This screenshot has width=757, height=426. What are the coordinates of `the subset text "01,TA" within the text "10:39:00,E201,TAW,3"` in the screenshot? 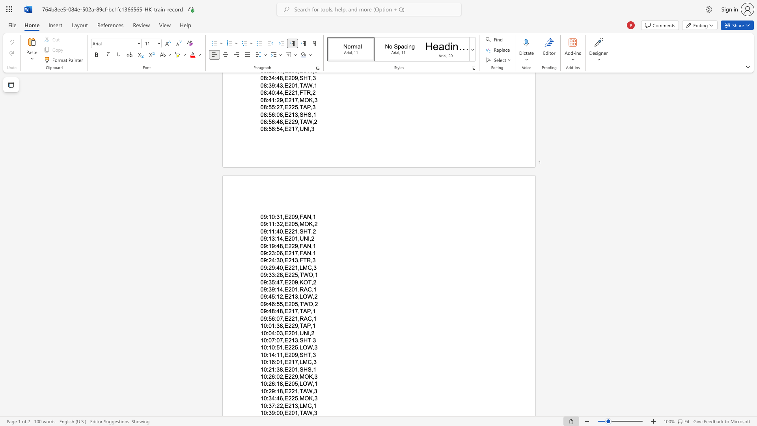 It's located at (291, 412).